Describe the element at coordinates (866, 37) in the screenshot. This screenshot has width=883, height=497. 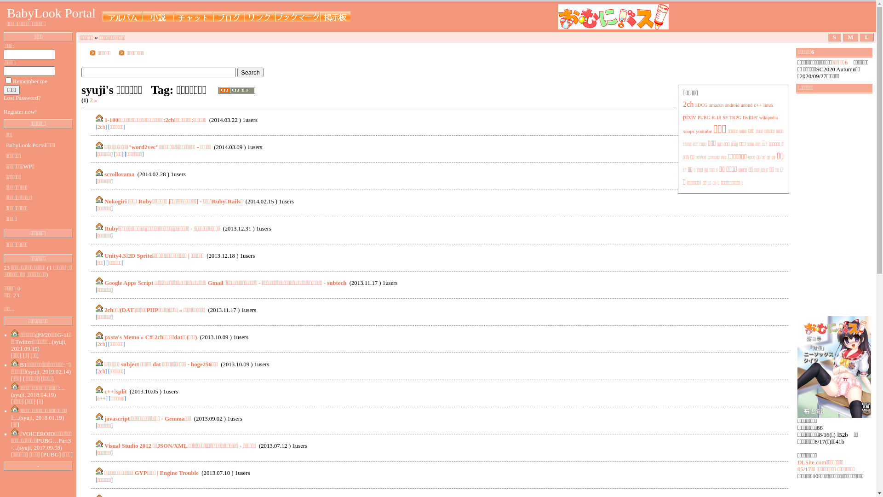
I see `'L'` at that location.